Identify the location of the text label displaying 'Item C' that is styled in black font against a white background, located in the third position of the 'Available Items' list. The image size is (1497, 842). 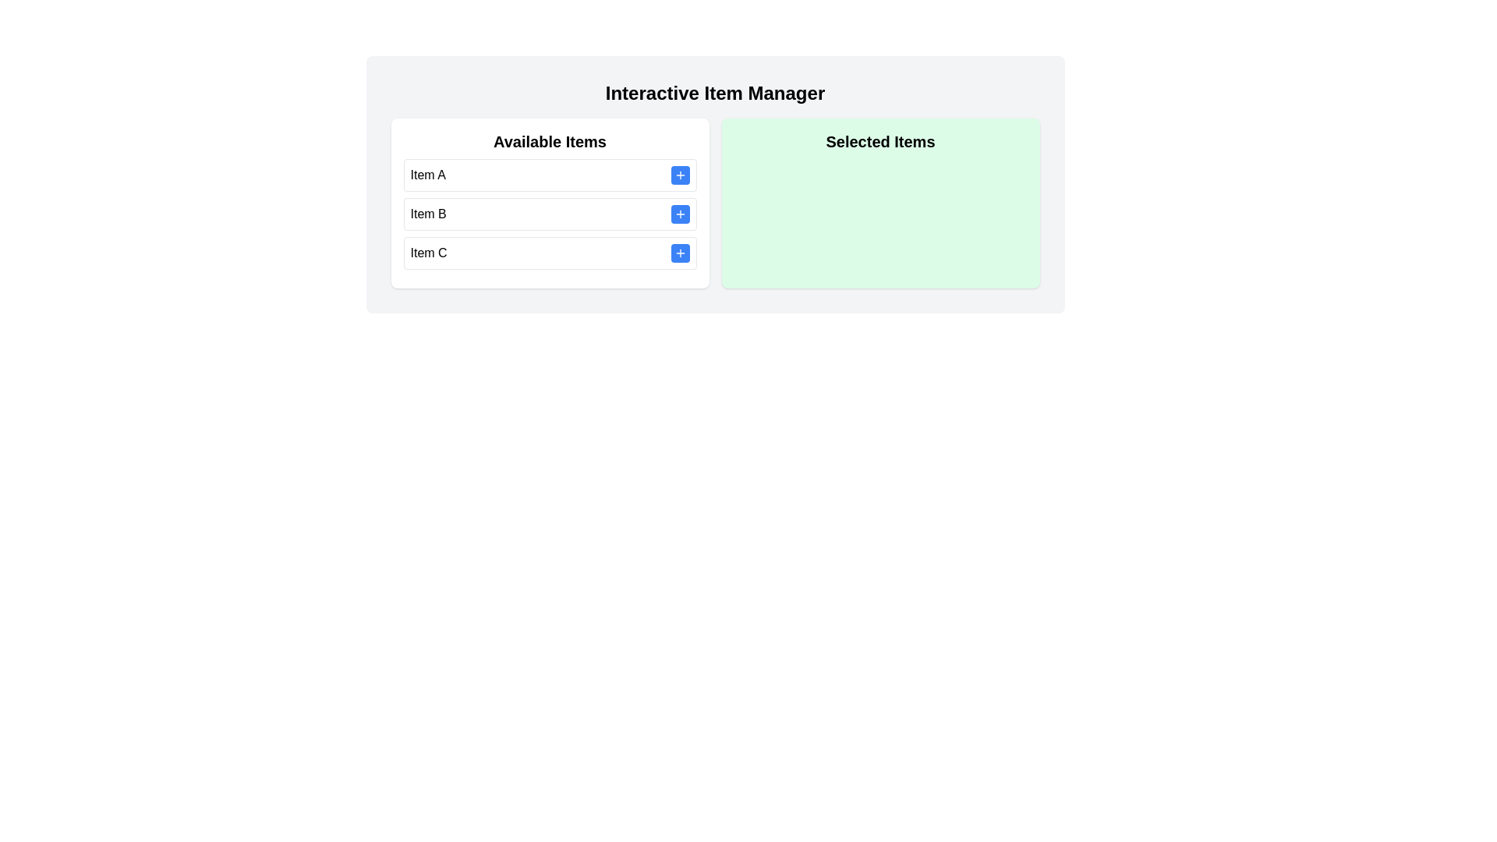
(429, 252).